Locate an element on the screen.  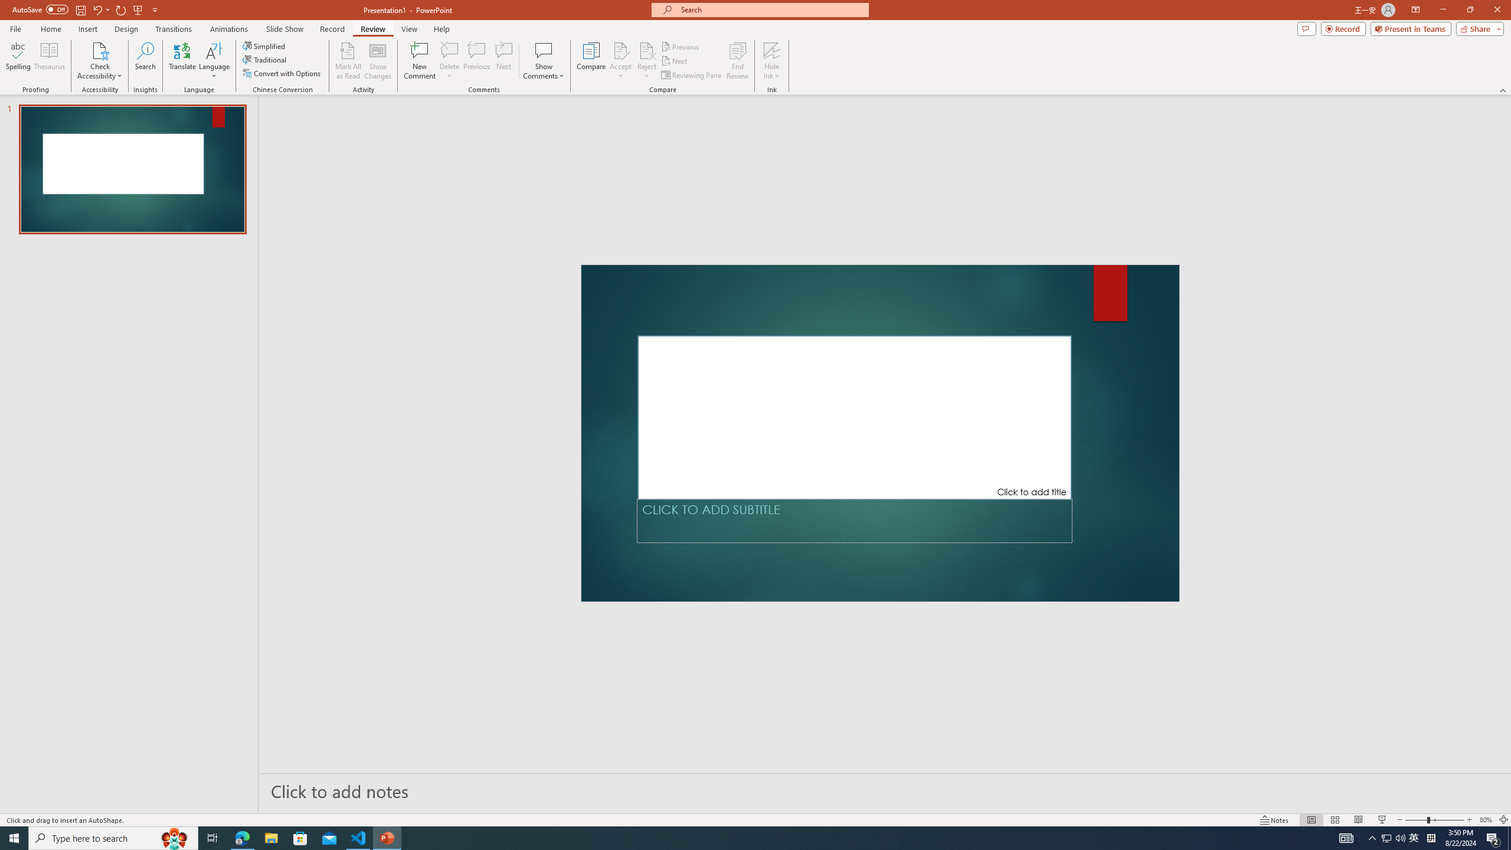
'Language' is located at coordinates (214, 61).